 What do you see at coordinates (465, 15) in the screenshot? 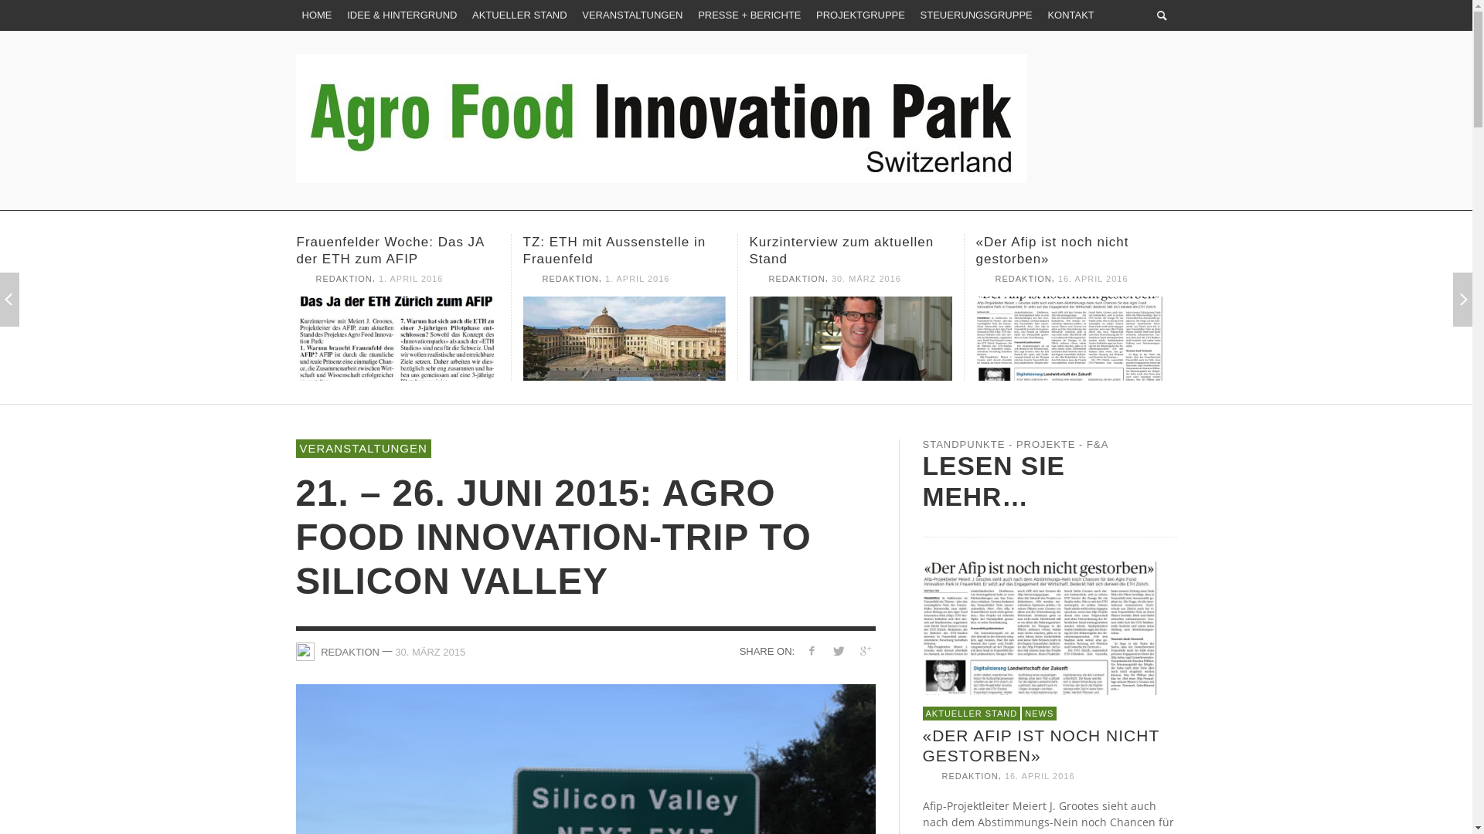
I see `'AKTUELLER STAND'` at bounding box center [465, 15].